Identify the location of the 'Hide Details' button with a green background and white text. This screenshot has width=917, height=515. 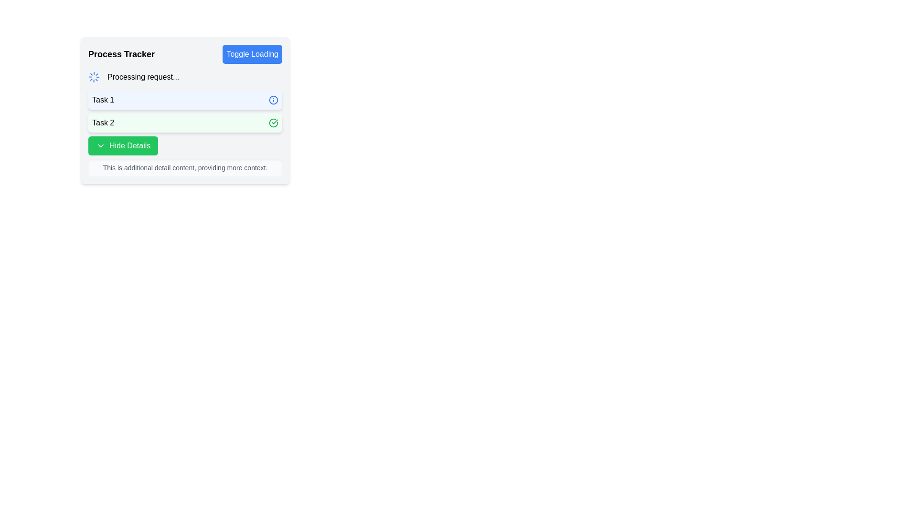
(123, 145).